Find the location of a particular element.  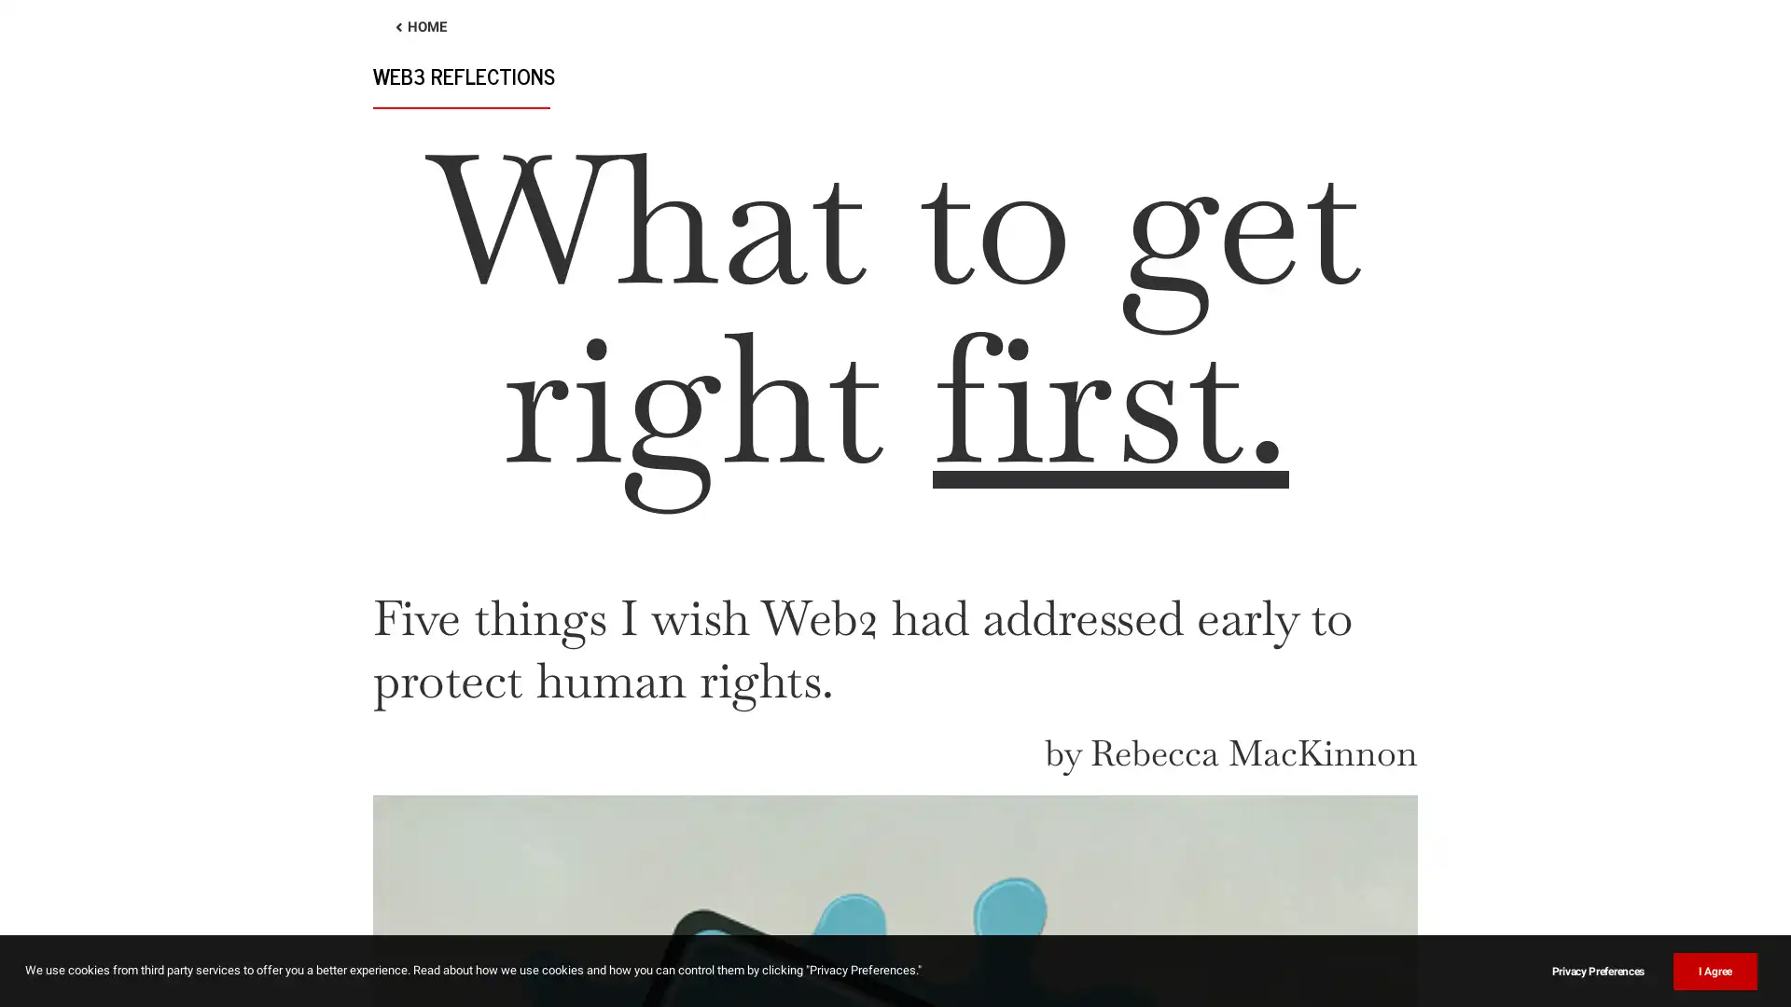

I Agree is located at coordinates (1715, 970).